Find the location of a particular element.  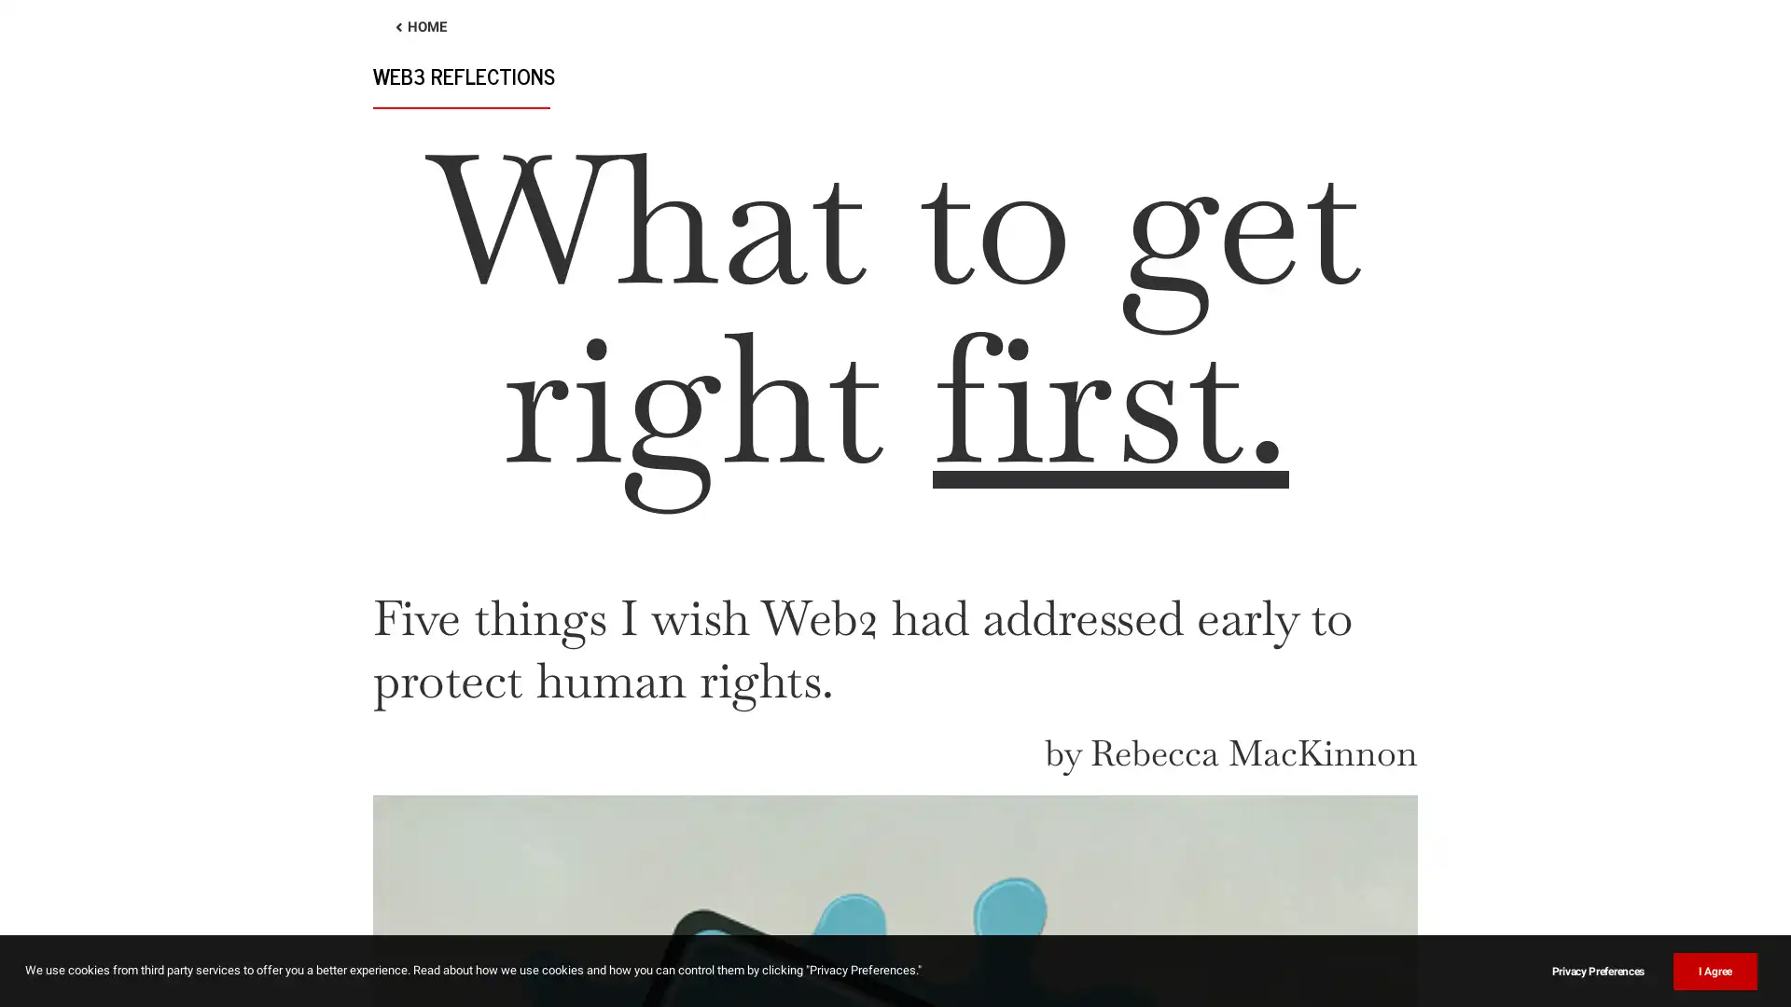

I Agree is located at coordinates (1715, 970).